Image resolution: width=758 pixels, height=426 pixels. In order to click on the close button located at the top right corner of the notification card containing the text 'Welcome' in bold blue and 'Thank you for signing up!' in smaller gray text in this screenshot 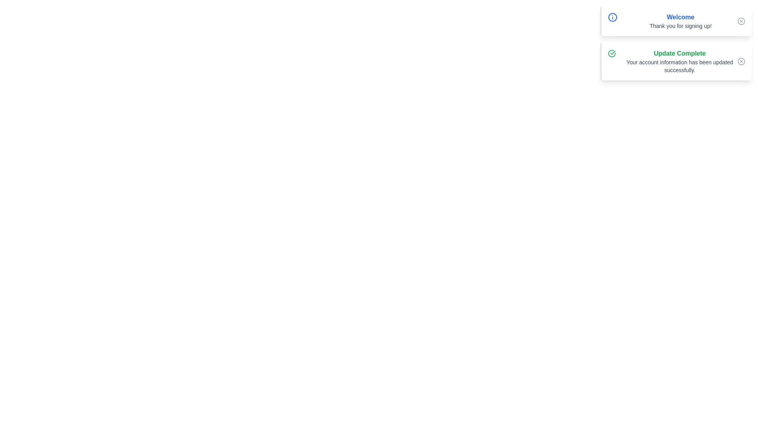, I will do `click(741, 21)`.